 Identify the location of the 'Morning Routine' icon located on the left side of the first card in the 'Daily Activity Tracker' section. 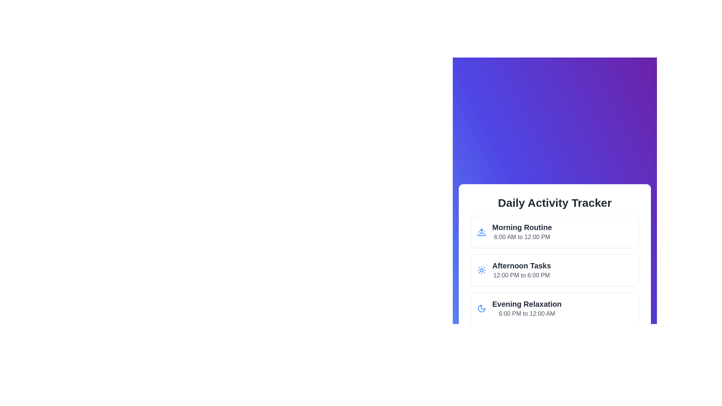
(482, 232).